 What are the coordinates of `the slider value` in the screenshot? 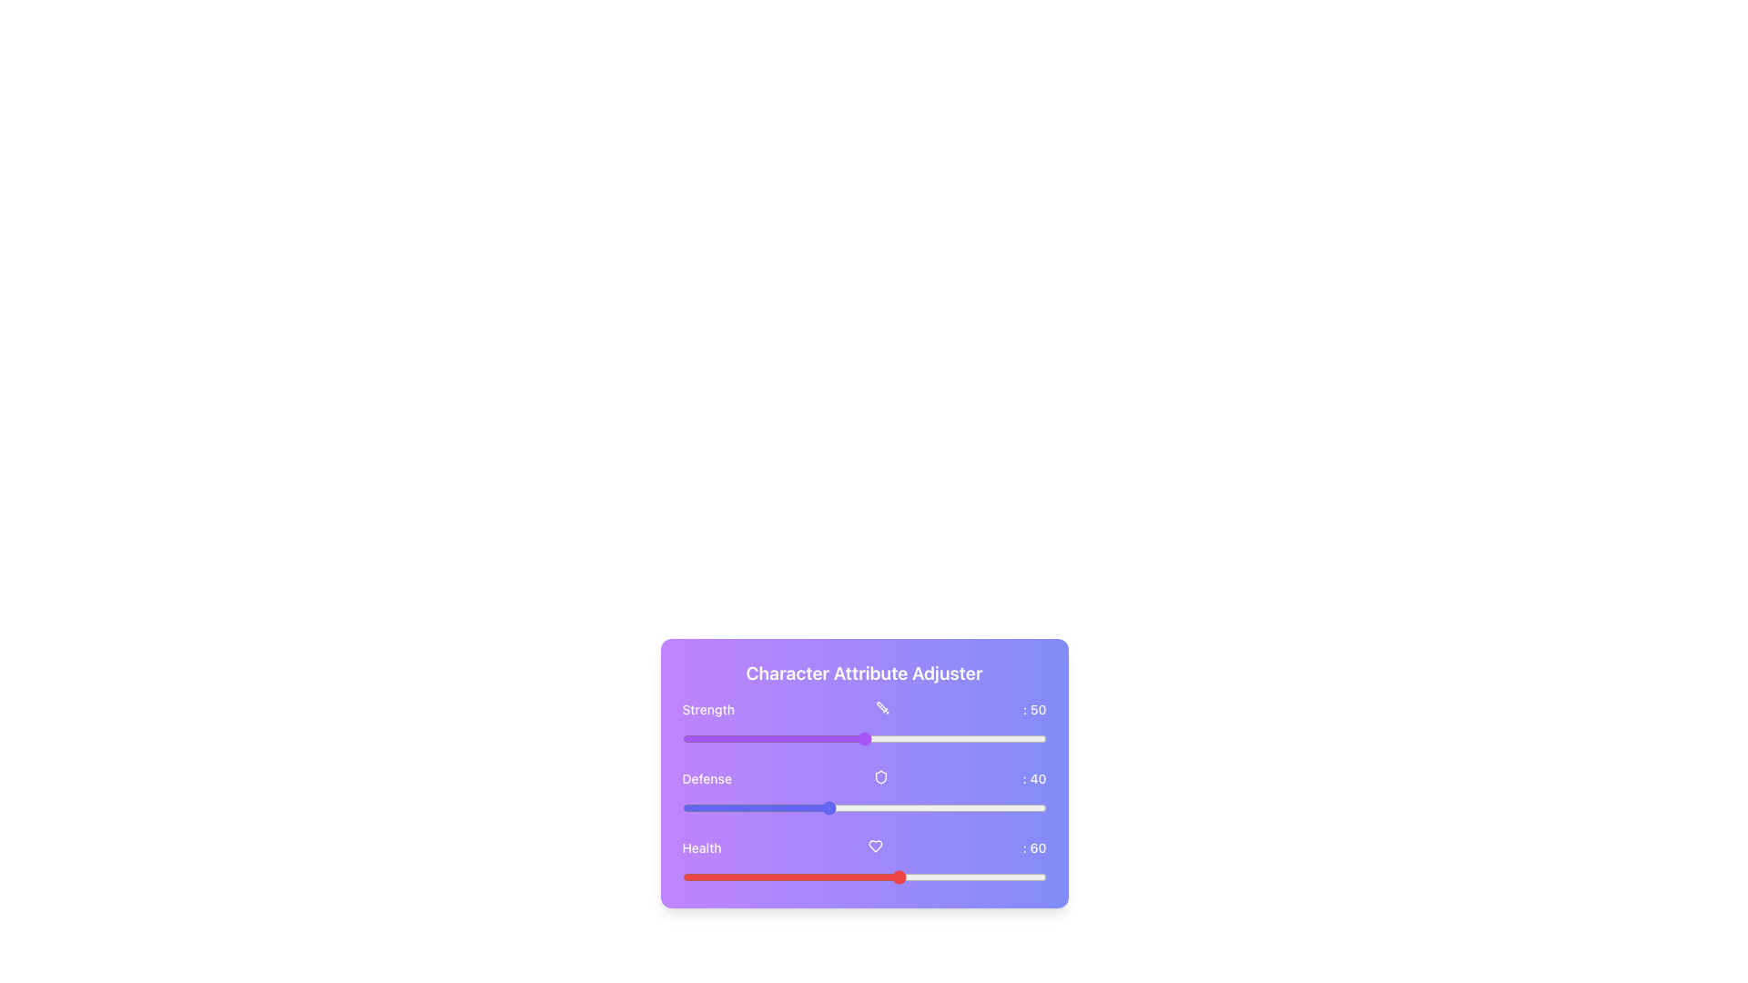 It's located at (740, 806).